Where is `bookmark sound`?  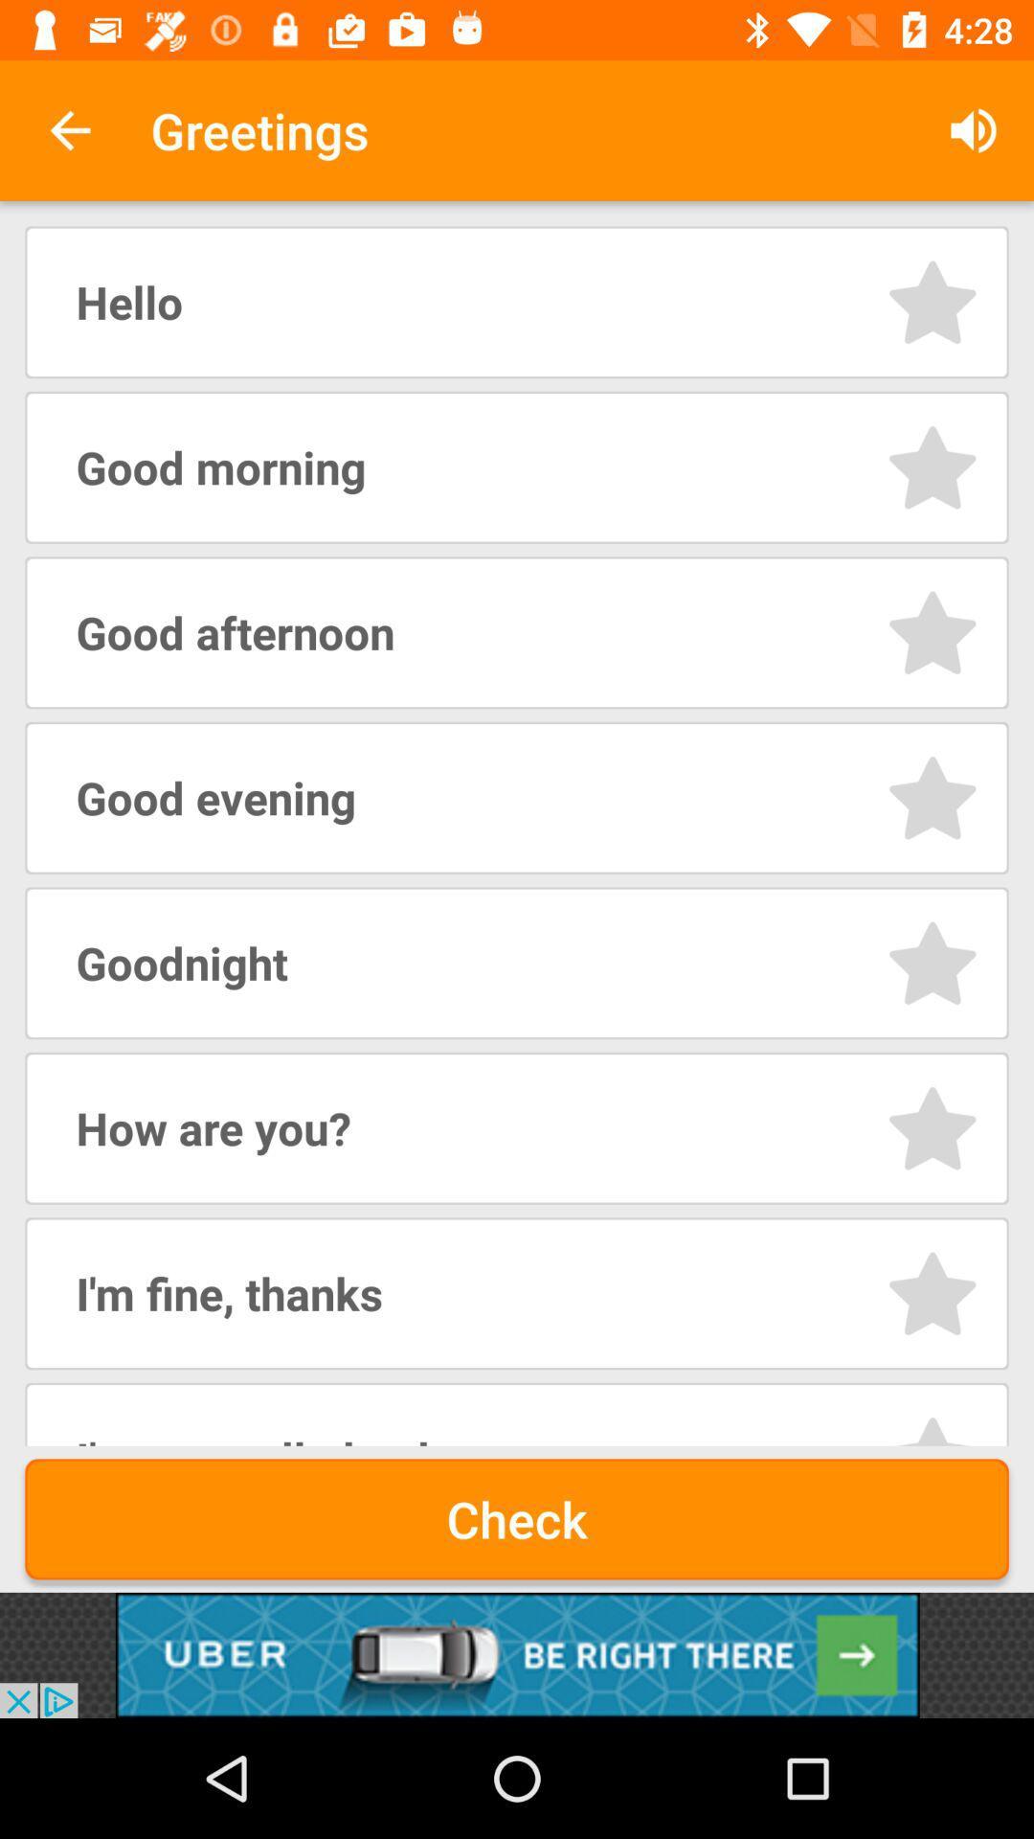 bookmark sound is located at coordinates (932, 1128).